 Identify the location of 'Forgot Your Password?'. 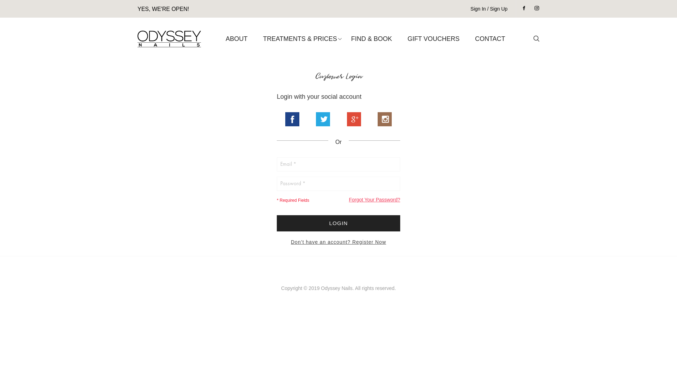
(348, 200).